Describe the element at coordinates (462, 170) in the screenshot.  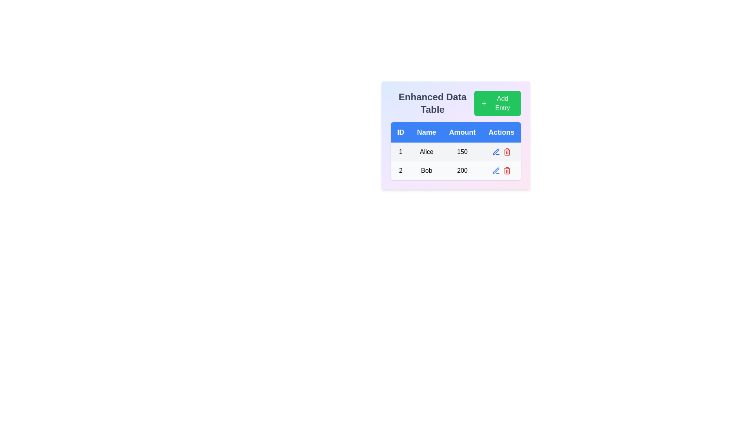
I see `the Text field representing the numerical value associated with 'Bob' in the 'Amount' category of the data table` at that location.